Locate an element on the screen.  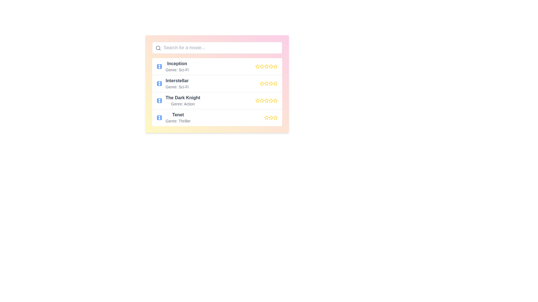
the first star icon in the rating system next to 'Inception' is located at coordinates (257, 66).